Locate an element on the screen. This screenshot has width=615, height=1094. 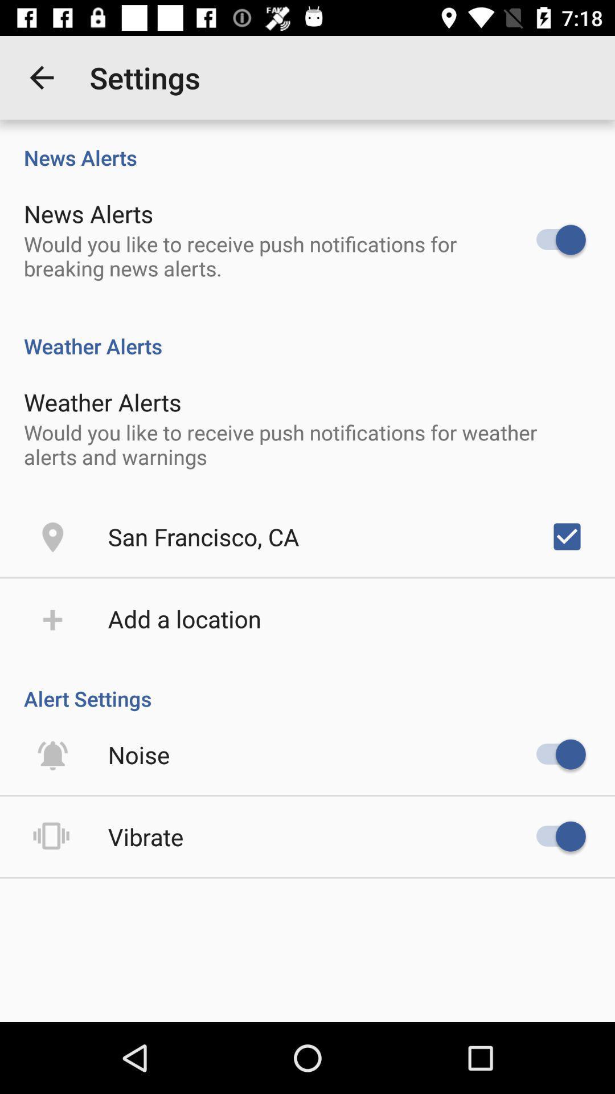
icon below alert settings item is located at coordinates (138, 754).